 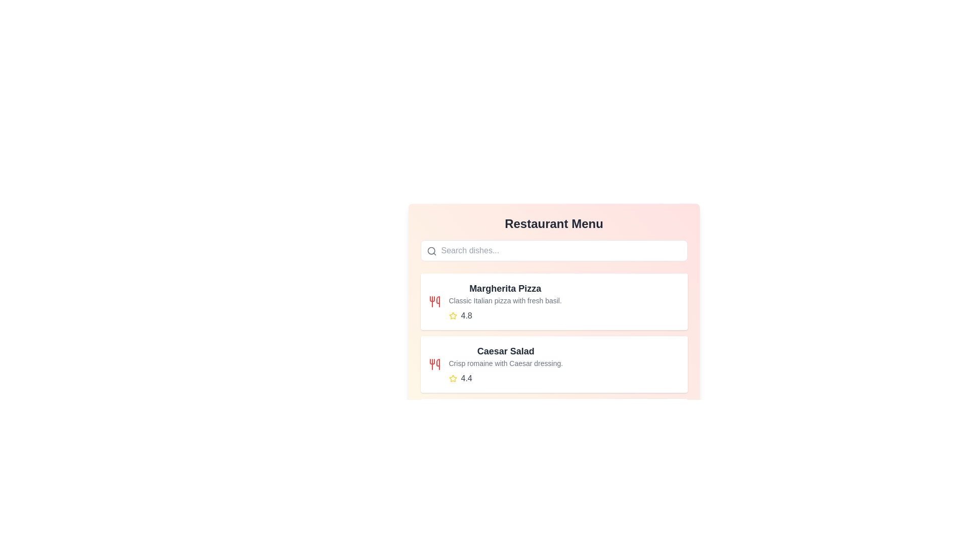 What do you see at coordinates (506, 378) in the screenshot?
I see `the Rating display component that shows the rating for 'Caesar Salad', located in the lower-right section of the card` at bounding box center [506, 378].